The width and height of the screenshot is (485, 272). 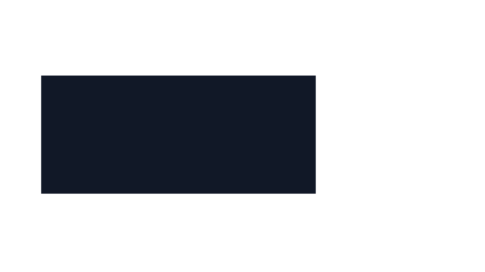 I want to click on the targeting icon located at the top of the card, which visually represents the concept of targeting or accuracy, so click(x=143, y=256).